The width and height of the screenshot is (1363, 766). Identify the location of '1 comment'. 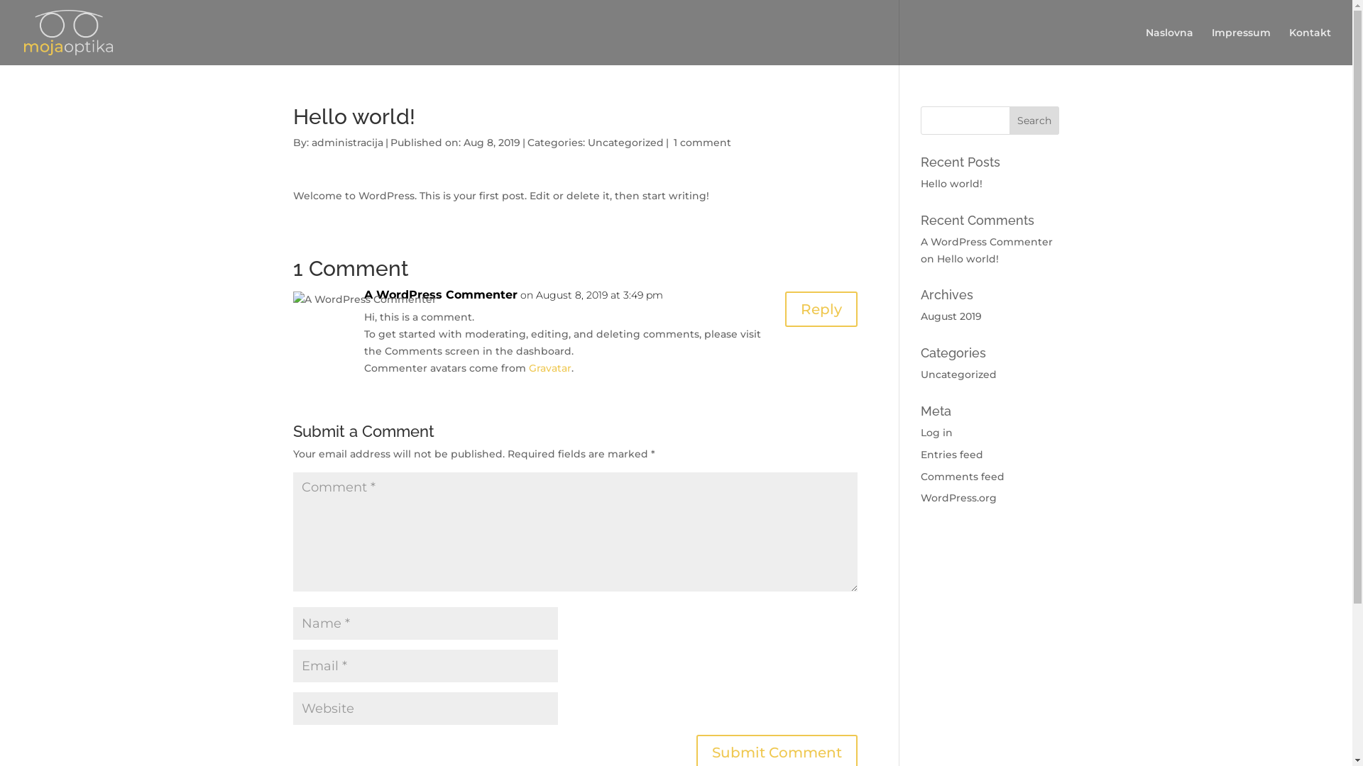
(701, 142).